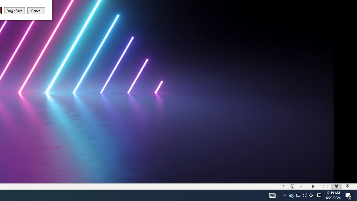 Image resolution: width=357 pixels, height=201 pixels. What do you see at coordinates (311, 195) in the screenshot?
I see `'Tray Input Indicator - Chinese (Simplified, China)'` at bounding box center [311, 195].